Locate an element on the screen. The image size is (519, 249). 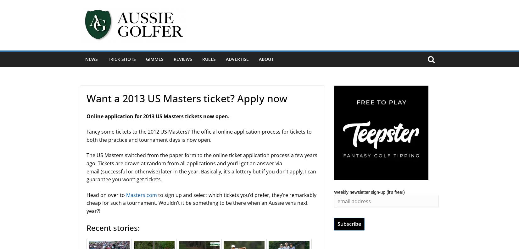
'Trick Shots' is located at coordinates (122, 59).